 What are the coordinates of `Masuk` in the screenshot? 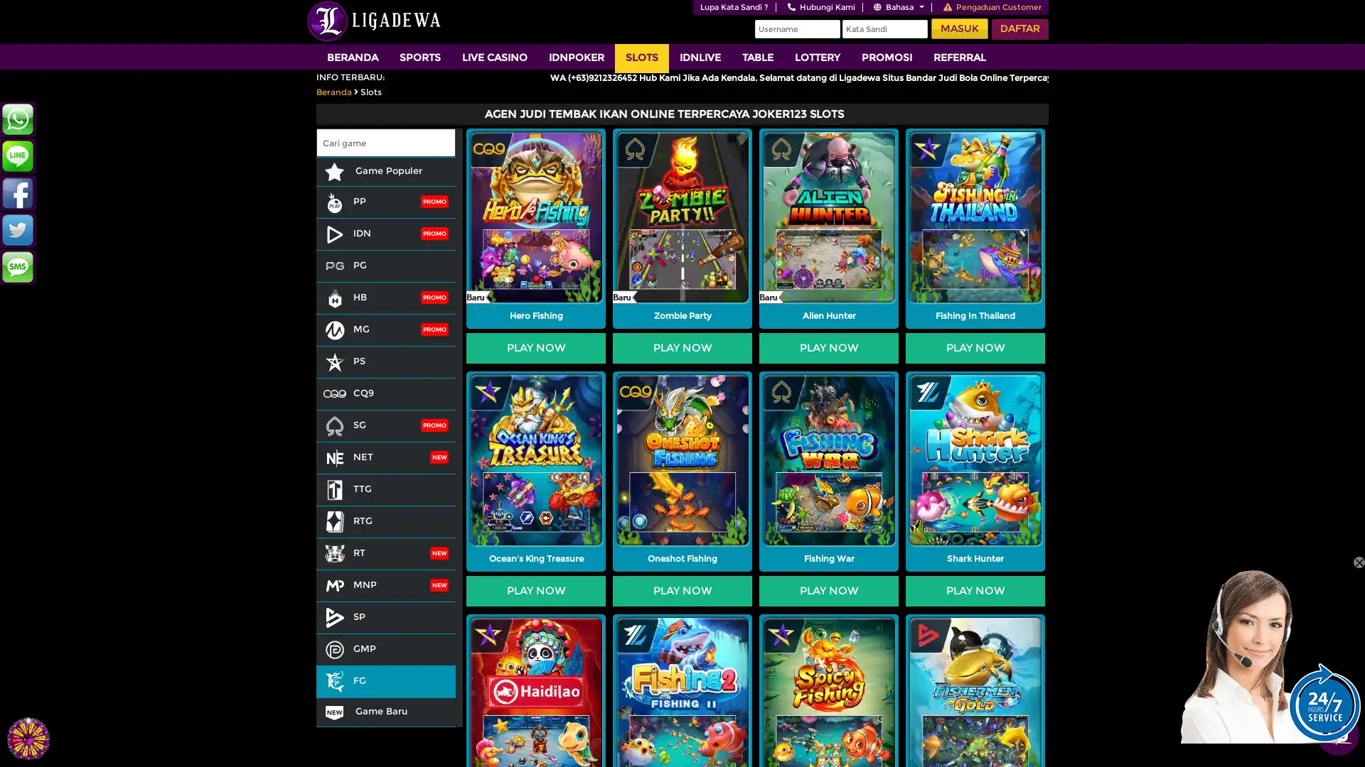 It's located at (959, 28).